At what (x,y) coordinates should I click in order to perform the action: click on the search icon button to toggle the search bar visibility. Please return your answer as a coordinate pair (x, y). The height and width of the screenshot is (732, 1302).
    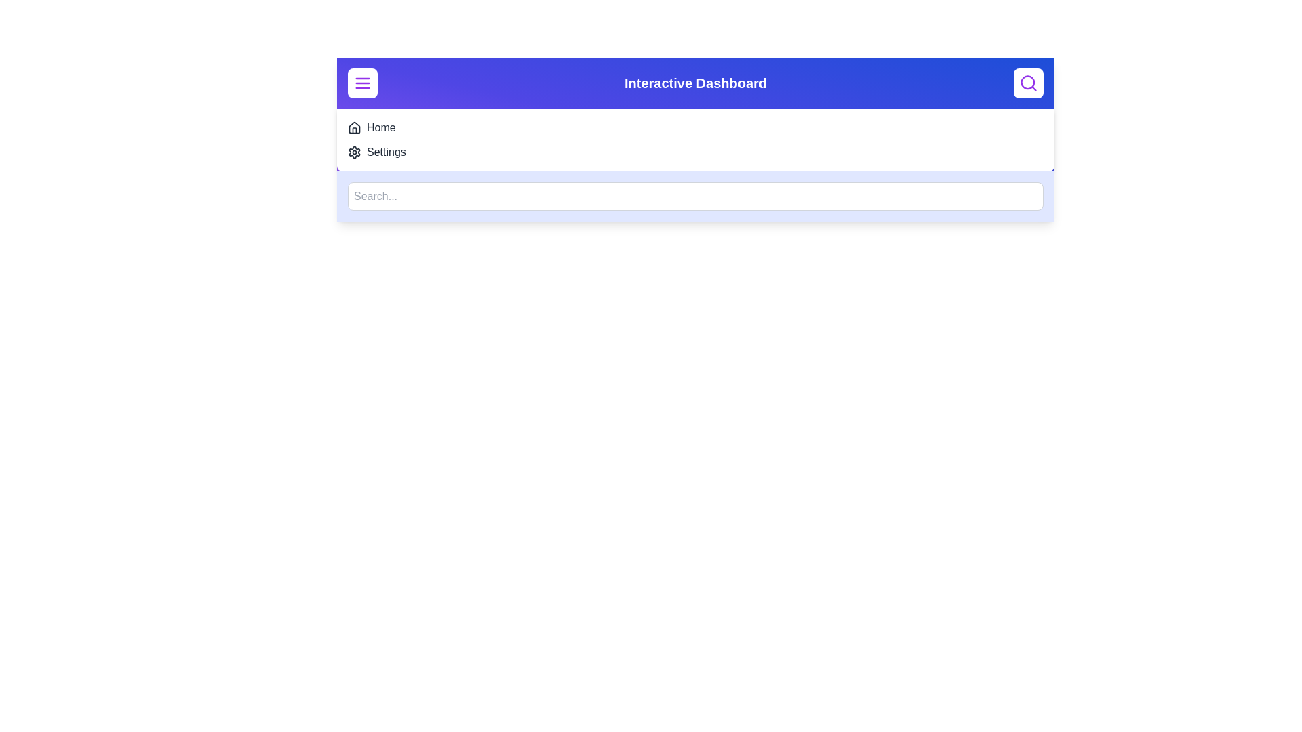
    Looking at the image, I should click on (1028, 83).